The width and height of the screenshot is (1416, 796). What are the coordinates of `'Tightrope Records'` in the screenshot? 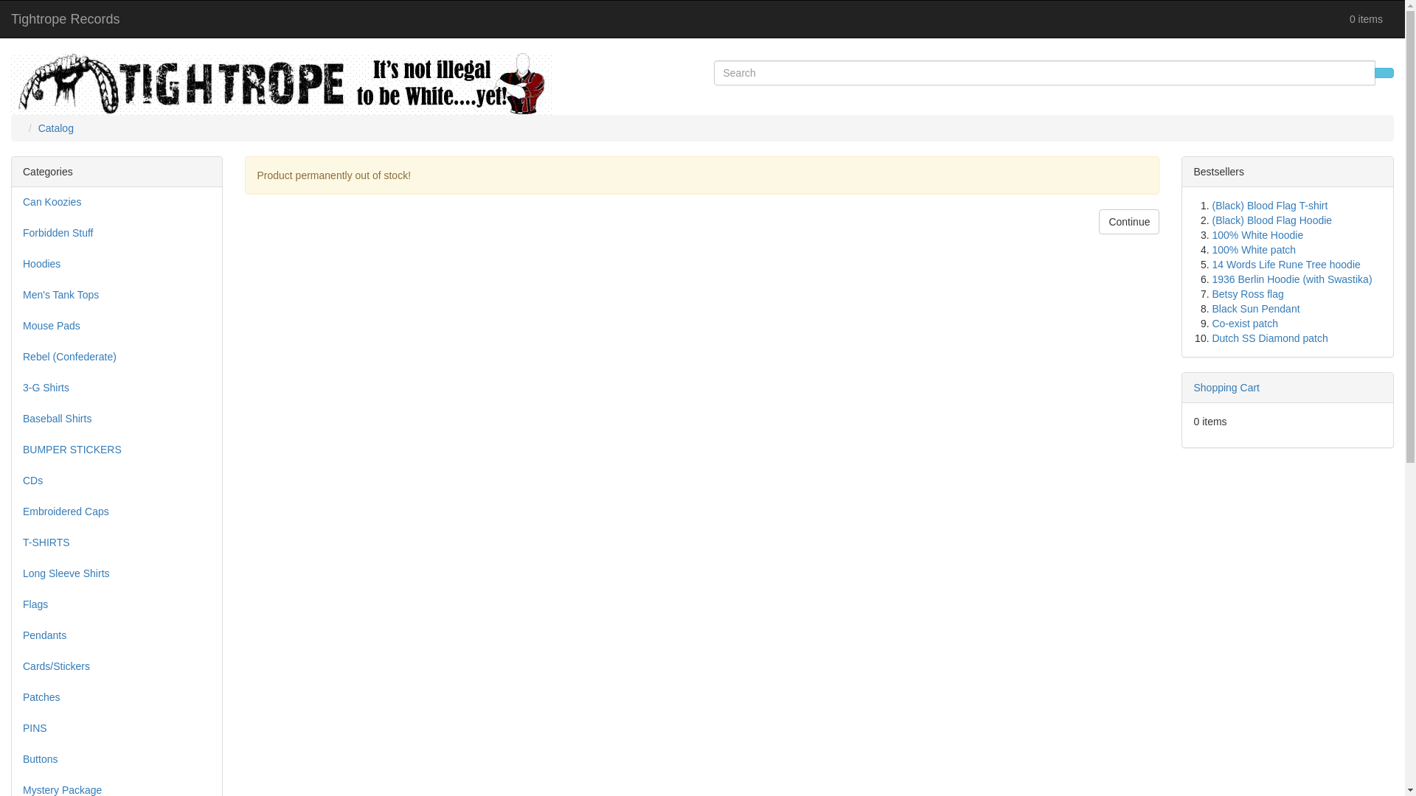 It's located at (64, 19).